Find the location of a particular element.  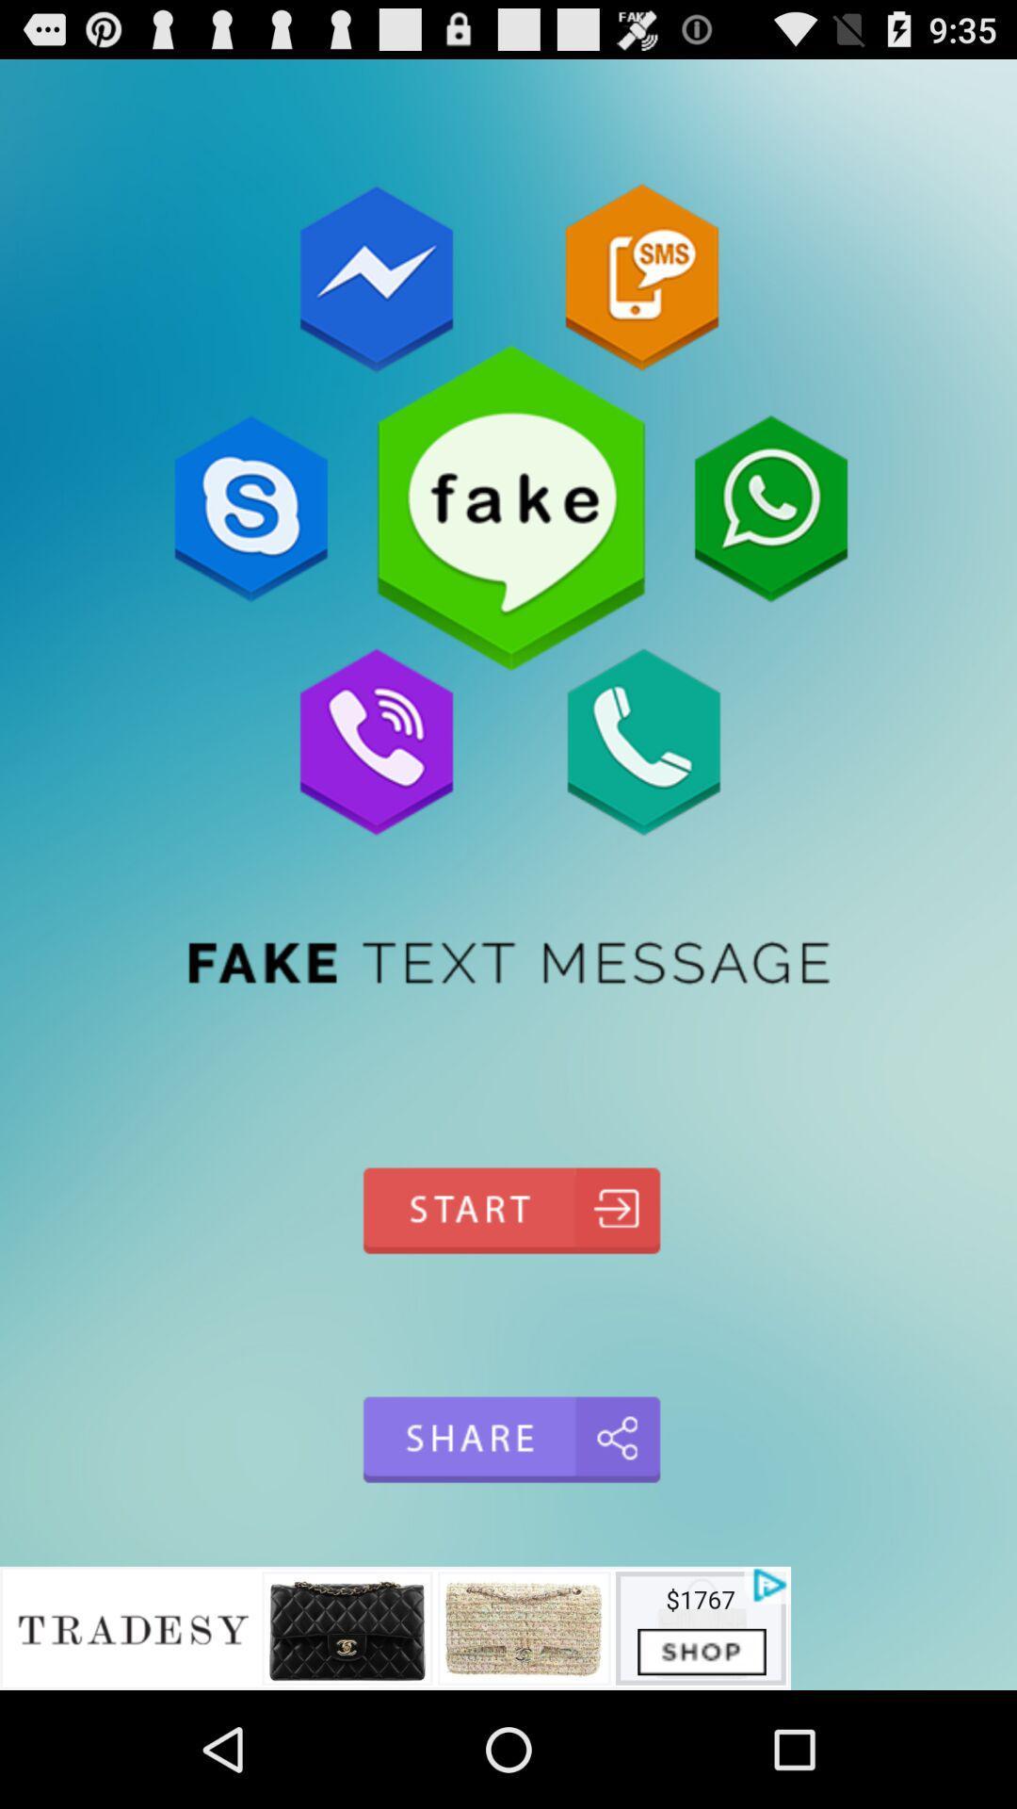

the date_range icon is located at coordinates (508, 1295).